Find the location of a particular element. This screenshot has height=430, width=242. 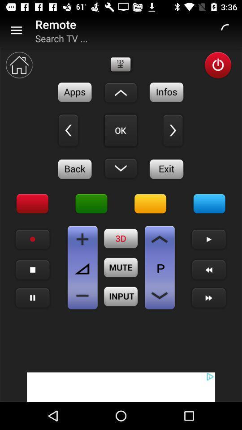

click the ok button is located at coordinates (121, 130).